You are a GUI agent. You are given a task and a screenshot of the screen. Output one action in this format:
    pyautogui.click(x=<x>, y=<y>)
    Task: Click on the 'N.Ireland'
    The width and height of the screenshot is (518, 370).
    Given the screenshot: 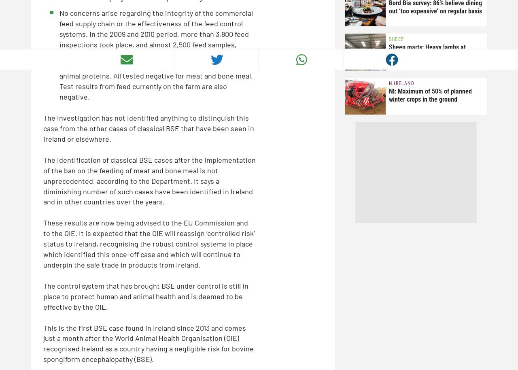 What is the action you would take?
    pyautogui.click(x=401, y=83)
    